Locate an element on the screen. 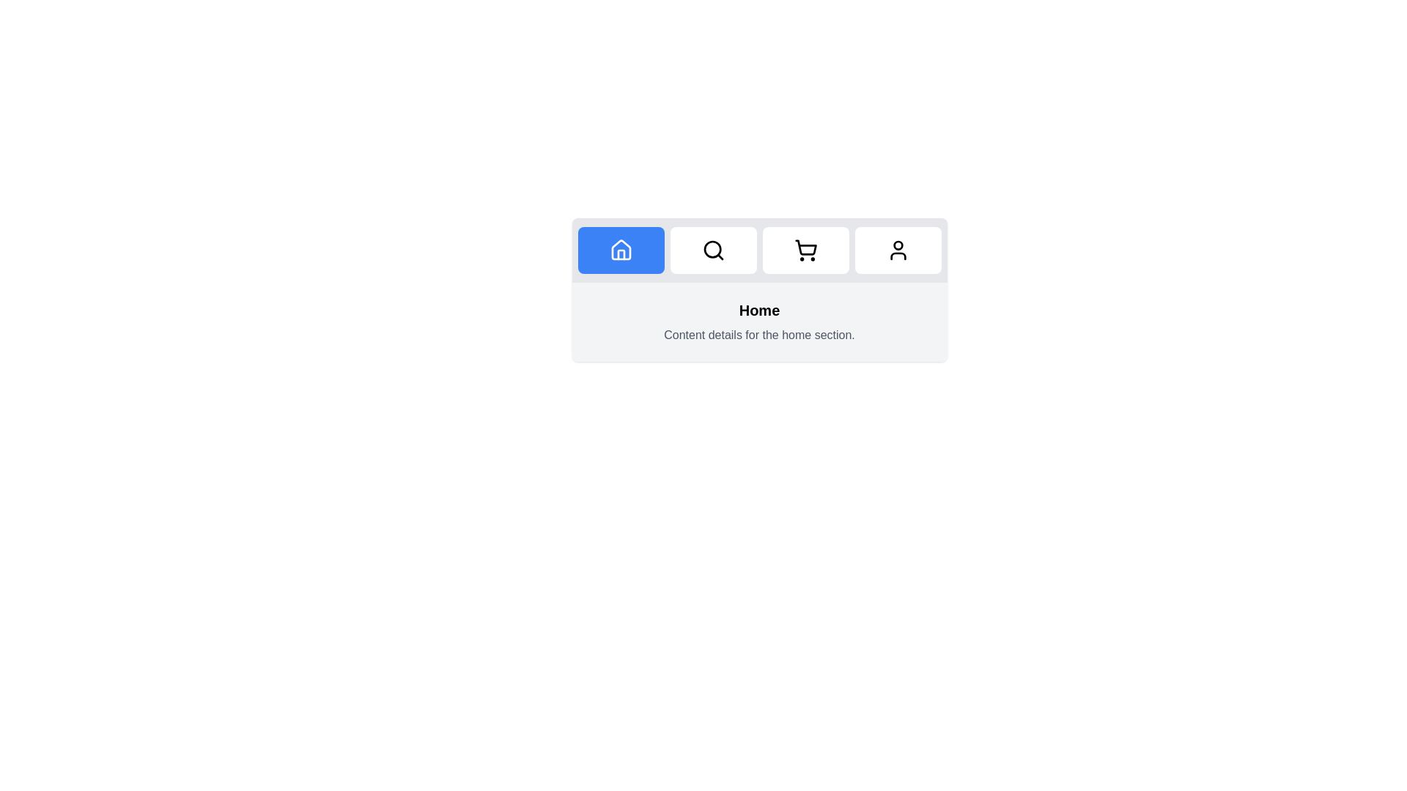 Image resolution: width=1407 pixels, height=791 pixels. the shopping cart icon located in the navigation bar, positioned third among four icons is located at coordinates (805, 247).